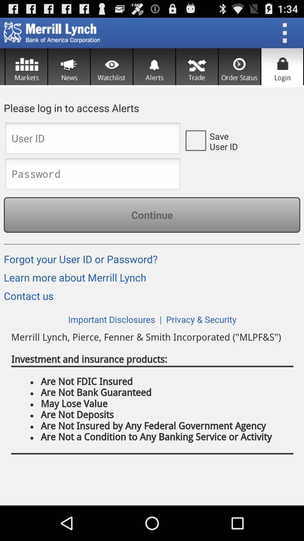 This screenshot has width=304, height=541. I want to click on login to app, so click(282, 66).